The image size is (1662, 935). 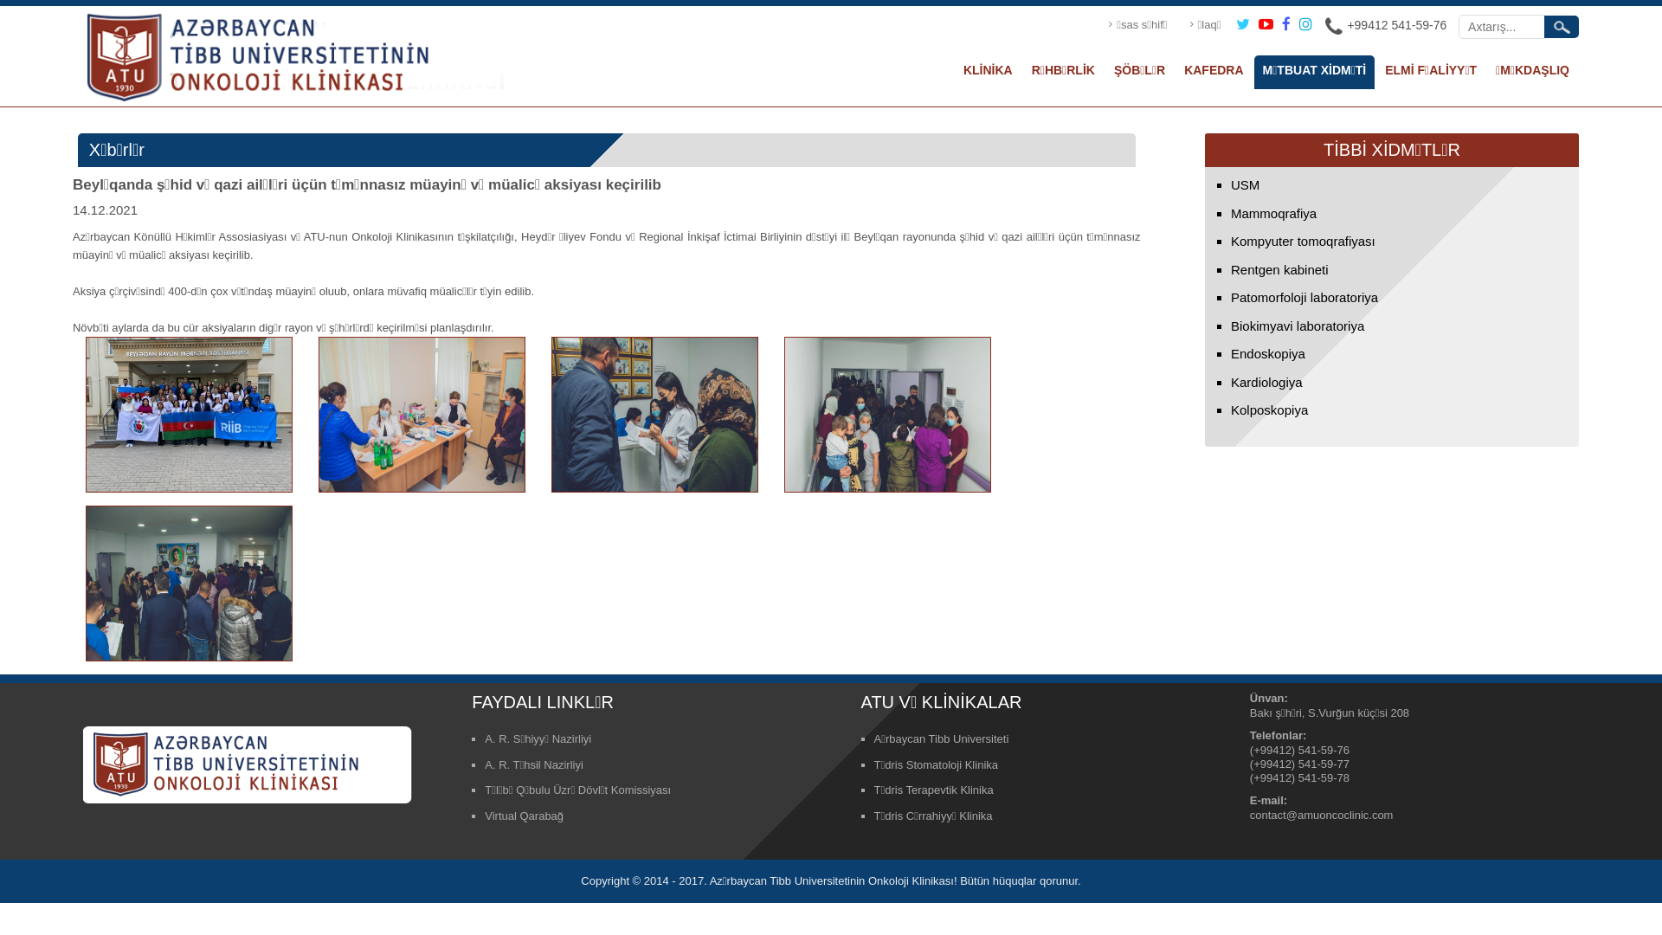 What do you see at coordinates (1279, 268) in the screenshot?
I see `'Rentgen kabineti'` at bounding box center [1279, 268].